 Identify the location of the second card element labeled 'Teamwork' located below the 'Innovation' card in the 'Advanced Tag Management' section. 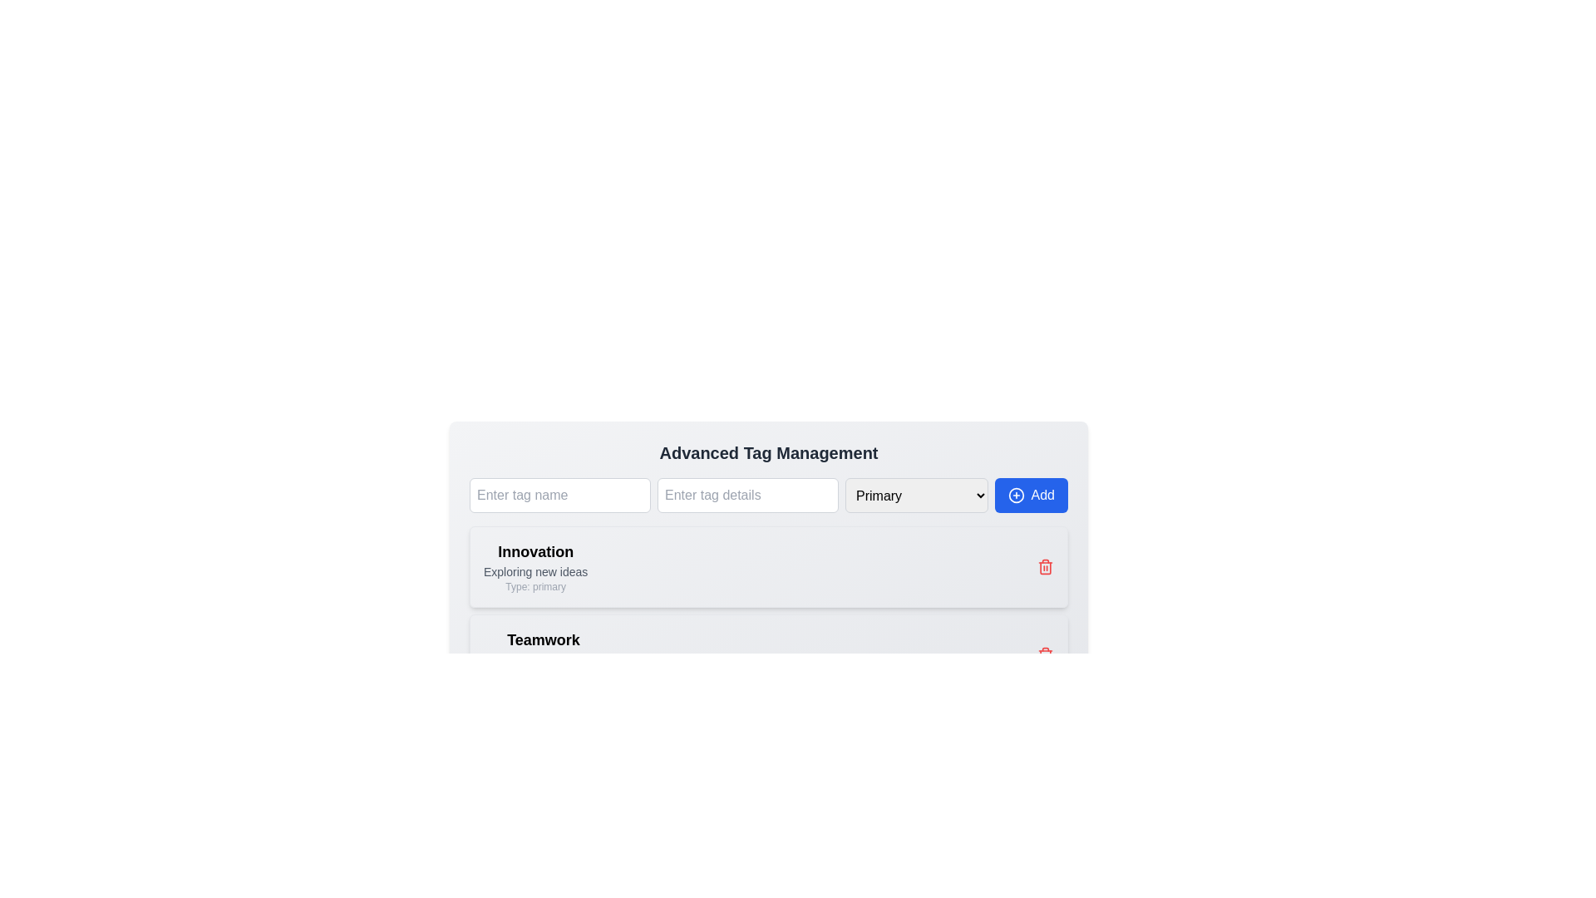
(768, 654).